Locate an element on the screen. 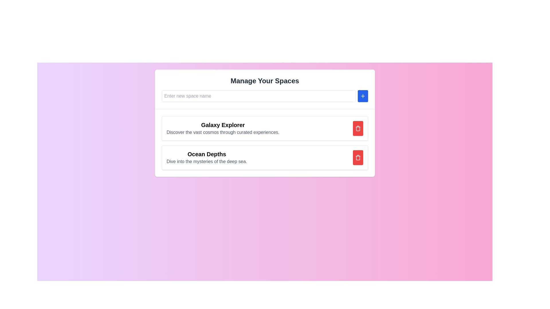 The height and width of the screenshot is (309, 550). the trash bin icon with a red background and white bin shape located in the top-right corner of the 'Galaxy Explorer' section is located at coordinates (357, 128).